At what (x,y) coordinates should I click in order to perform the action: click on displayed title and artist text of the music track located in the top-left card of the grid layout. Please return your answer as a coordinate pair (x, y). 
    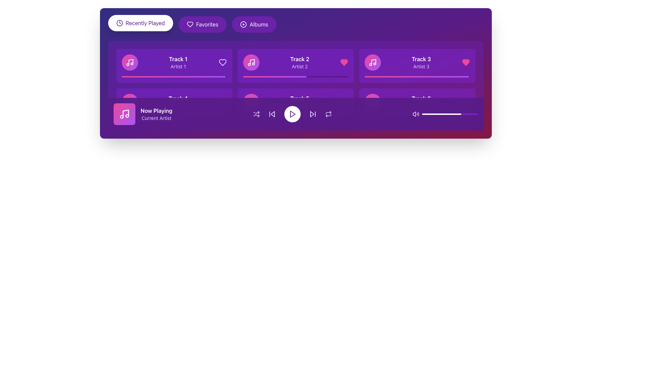
    Looking at the image, I should click on (178, 63).